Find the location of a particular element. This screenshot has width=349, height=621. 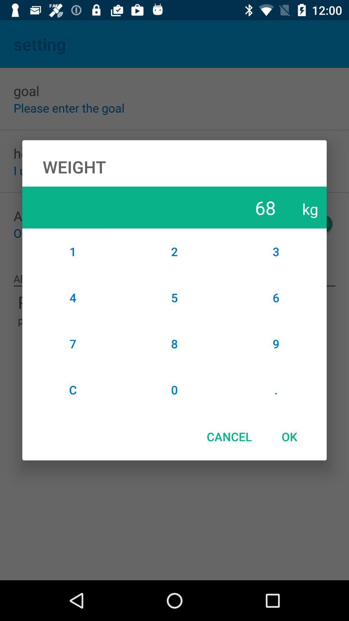

the item to the right of the 5 is located at coordinates (276, 343).